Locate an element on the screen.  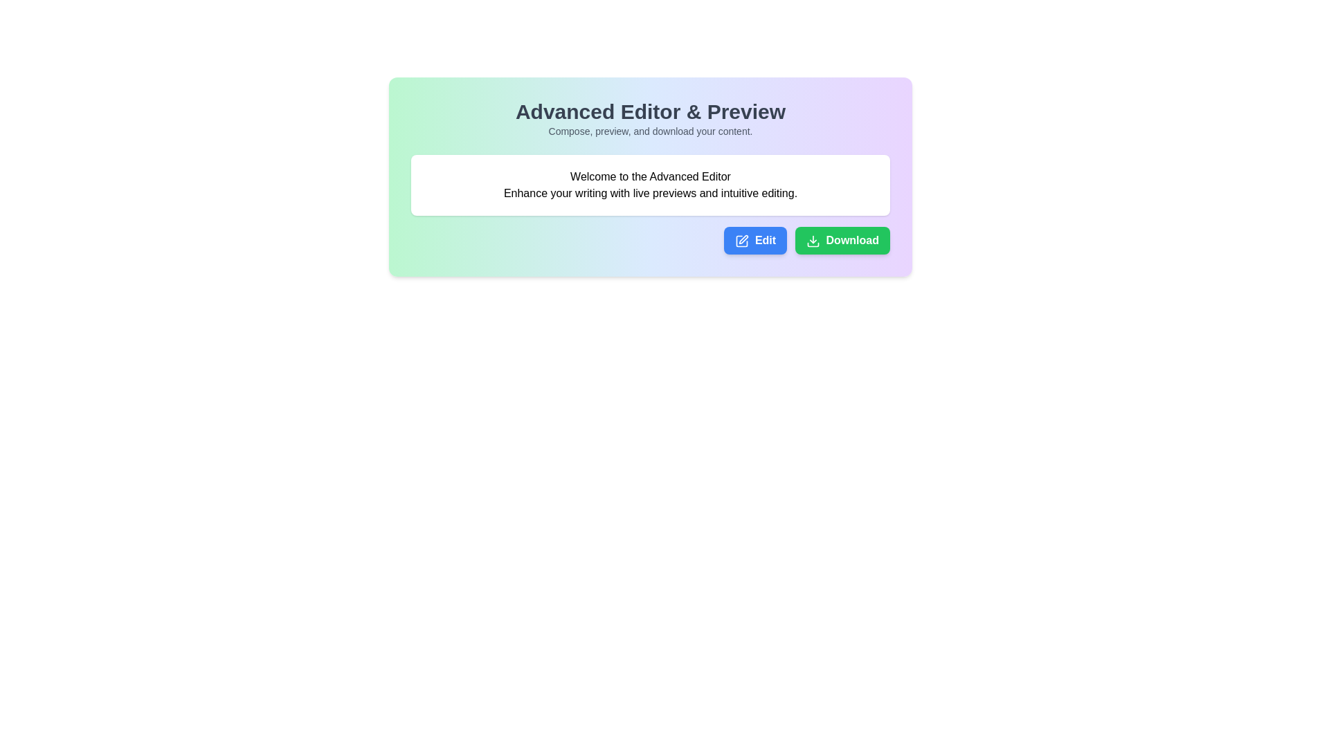
the download button located at the bottom-right of the horizontal button group to initiate a color change is located at coordinates (842, 239).